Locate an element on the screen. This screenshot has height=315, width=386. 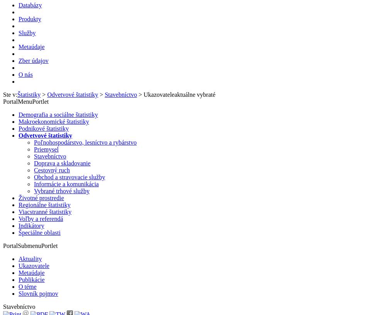
'Obchod a stravovacie služby' is located at coordinates (69, 177).